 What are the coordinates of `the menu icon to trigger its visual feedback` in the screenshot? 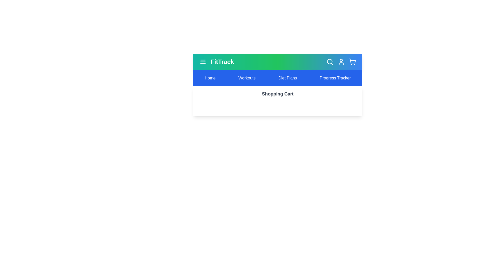 It's located at (202, 62).